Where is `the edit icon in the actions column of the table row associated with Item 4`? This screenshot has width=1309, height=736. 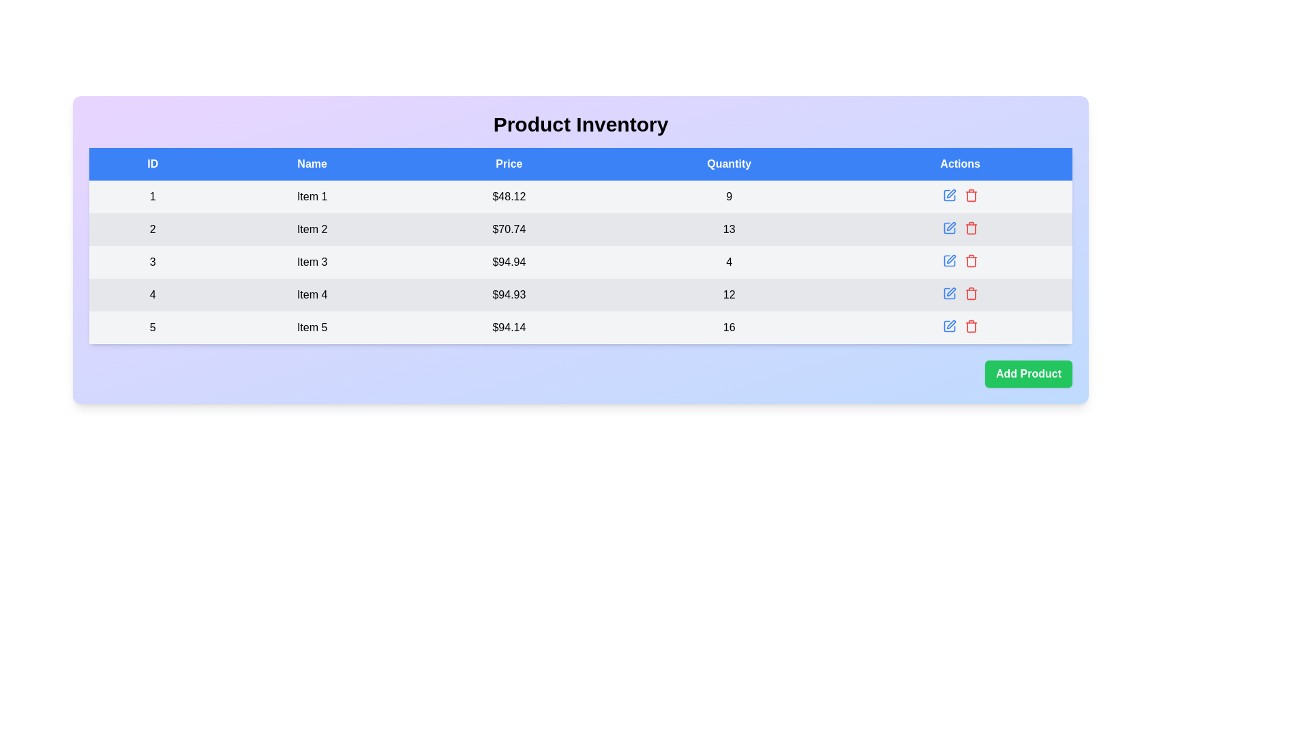
the edit icon in the actions column of the table row associated with Item 4 is located at coordinates (959, 293).